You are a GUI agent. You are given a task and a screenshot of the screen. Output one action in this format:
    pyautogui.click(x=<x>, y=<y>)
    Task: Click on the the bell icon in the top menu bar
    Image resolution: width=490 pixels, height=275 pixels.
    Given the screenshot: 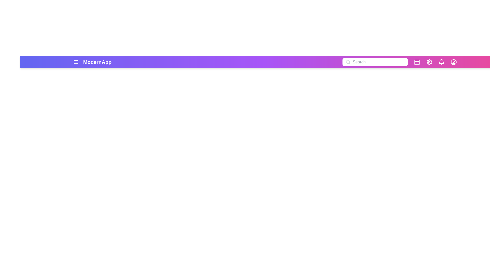 What is the action you would take?
    pyautogui.click(x=441, y=62)
    